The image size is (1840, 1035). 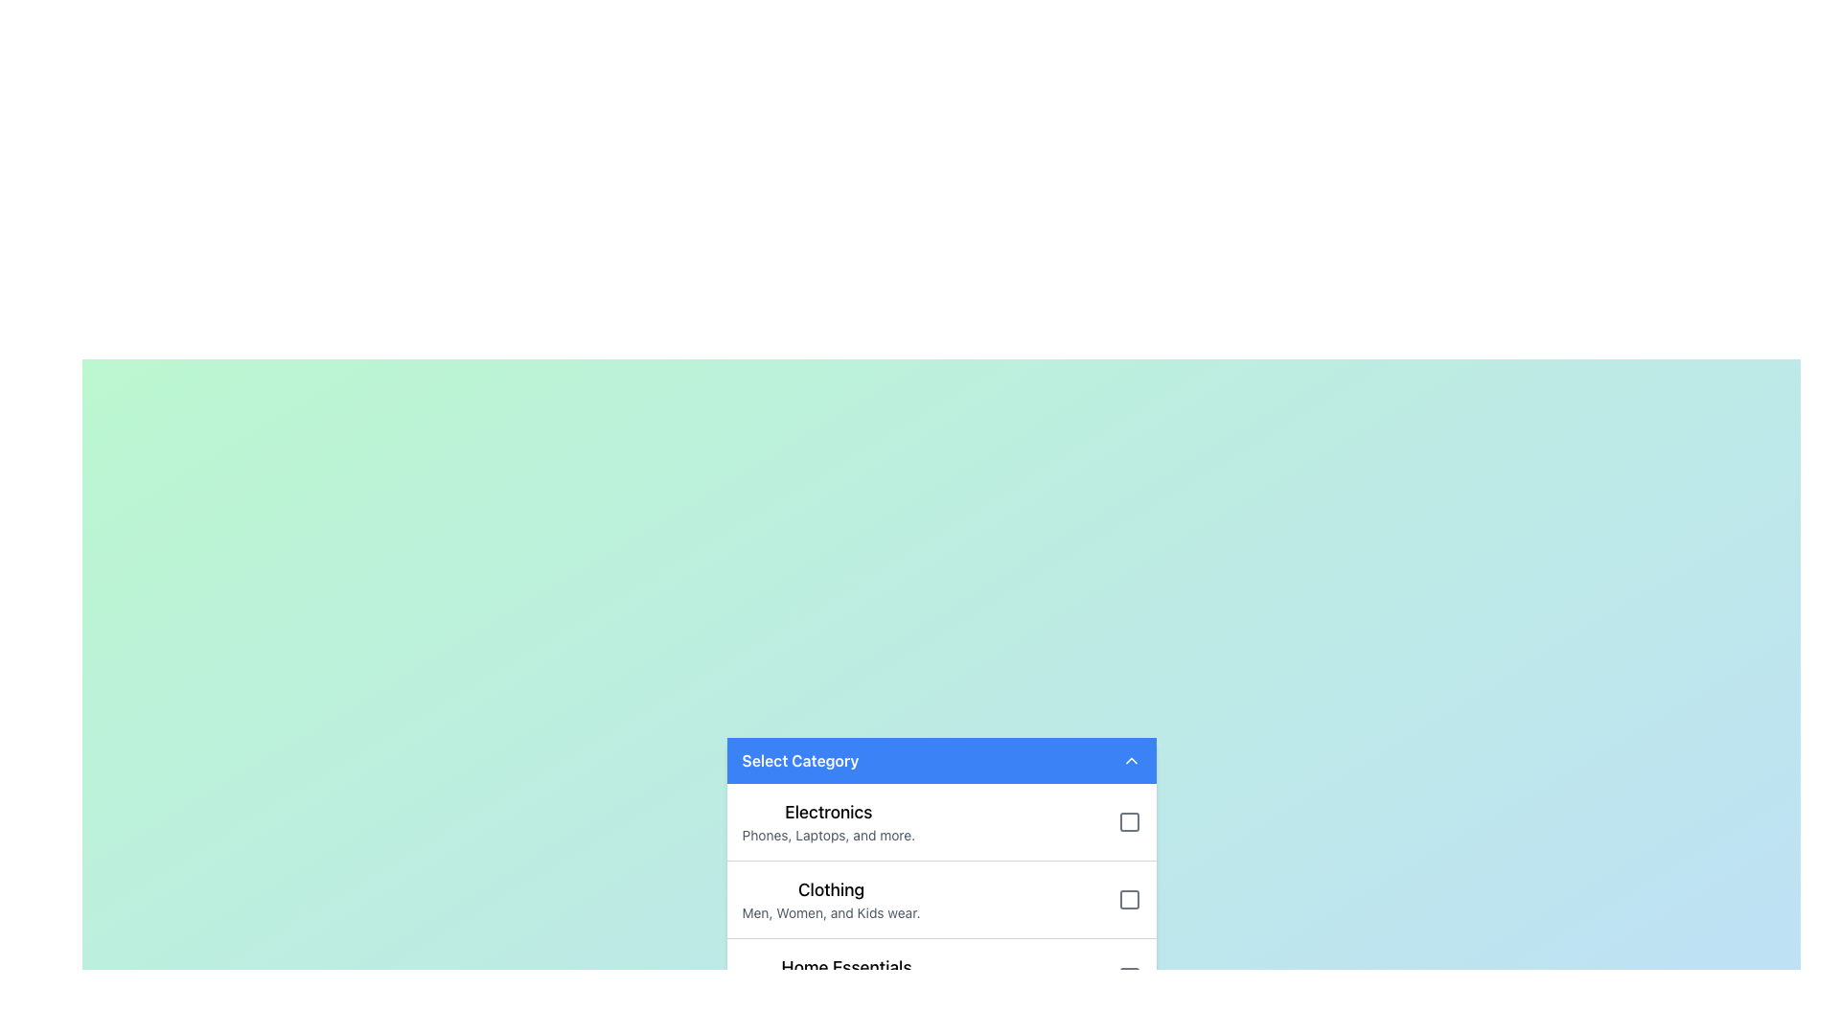 I want to click on the checkbox, so click(x=941, y=876).